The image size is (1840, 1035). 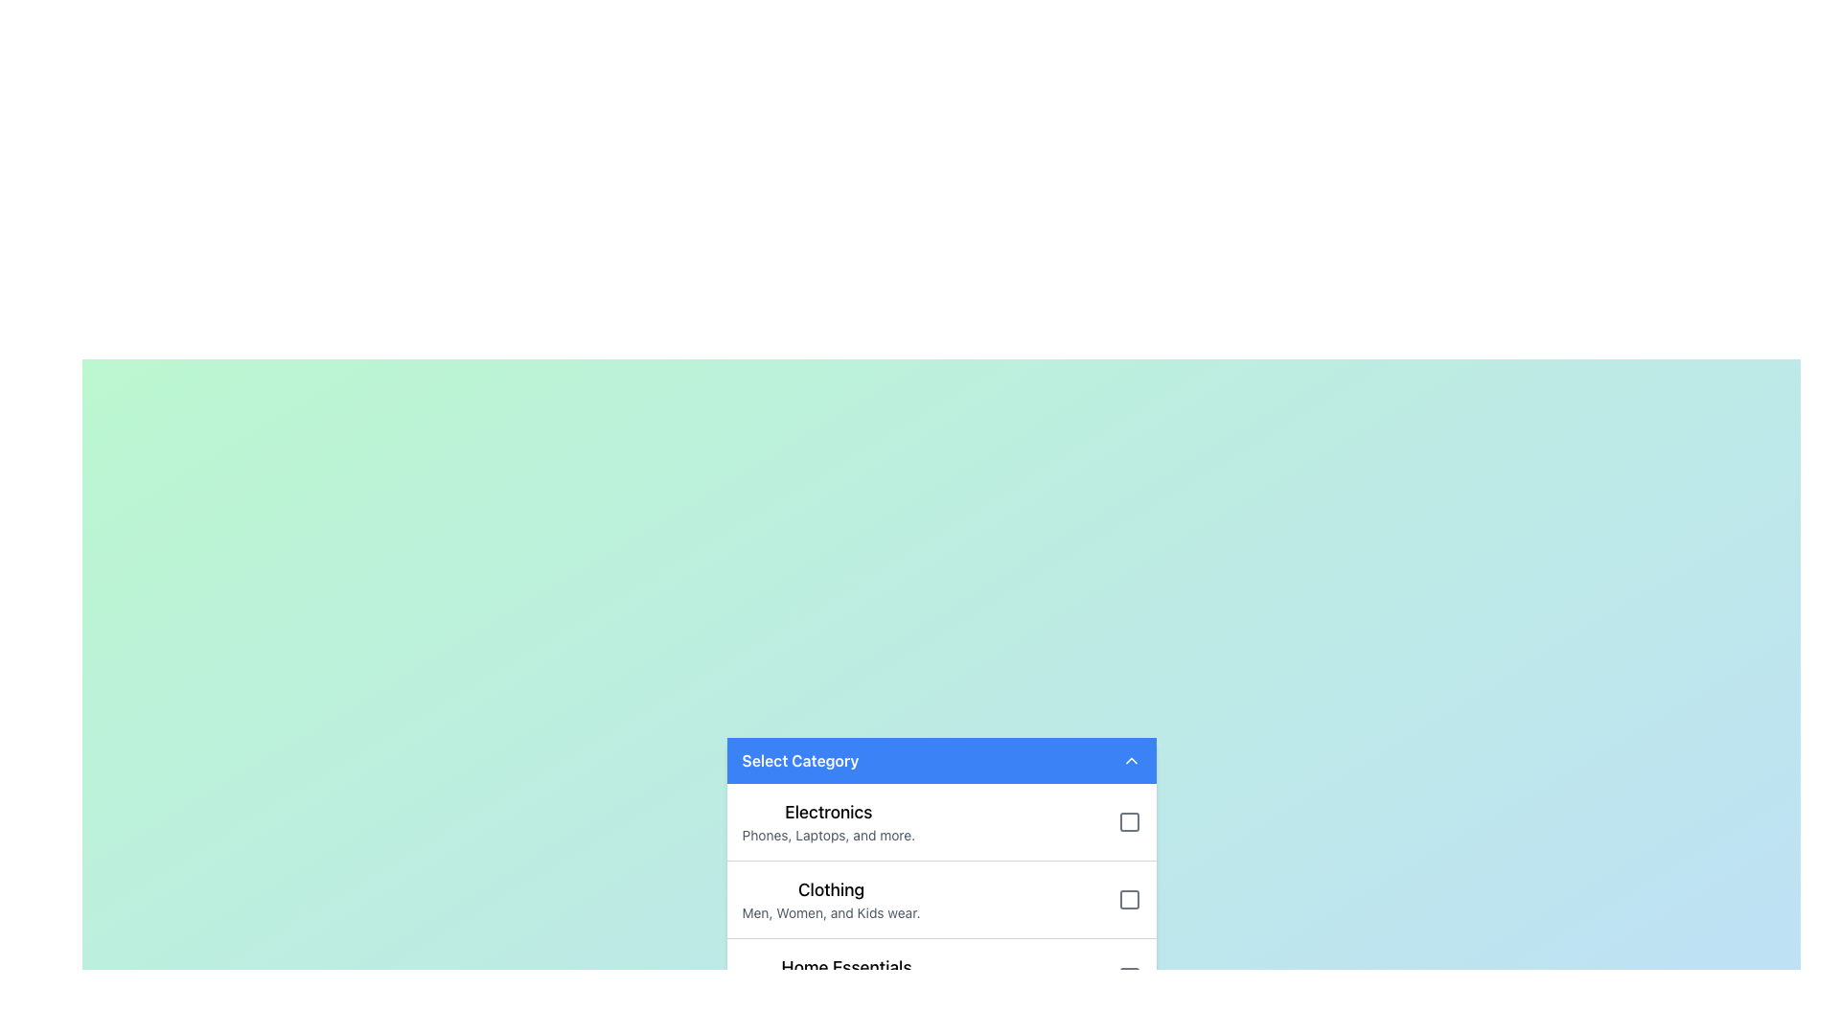 I want to click on the checkbox, so click(x=941, y=876).